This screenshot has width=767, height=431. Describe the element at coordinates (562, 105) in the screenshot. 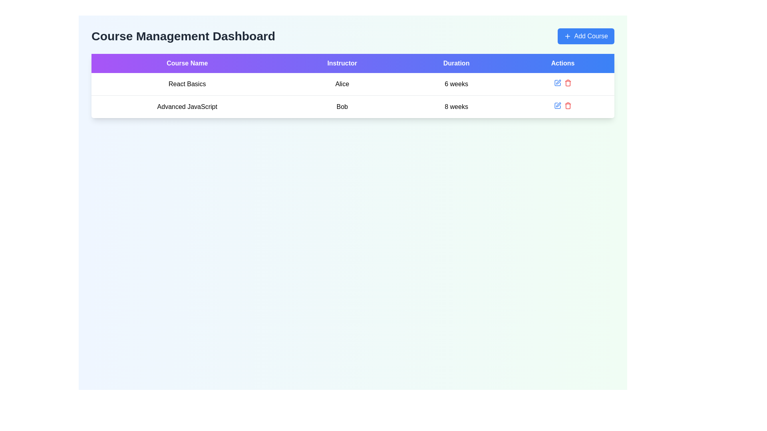

I see `the action buttons for the 'Advanced JavaScript' course located in the 'Actions' column of the second row` at that location.